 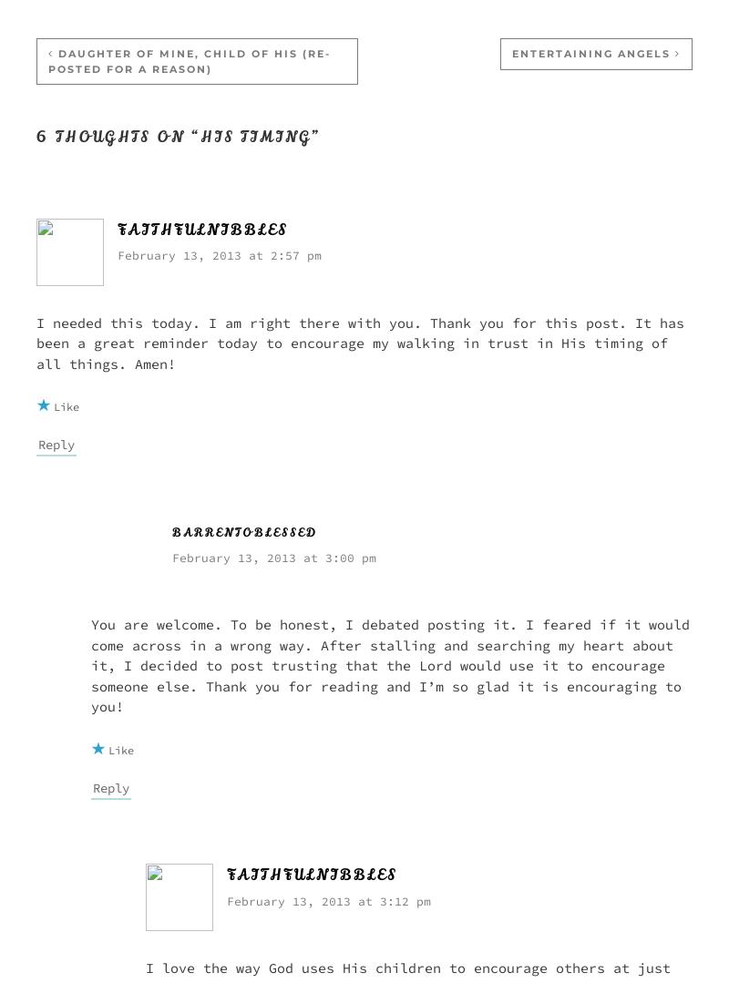 I want to click on 'Entertaining Angels', so click(x=512, y=53).